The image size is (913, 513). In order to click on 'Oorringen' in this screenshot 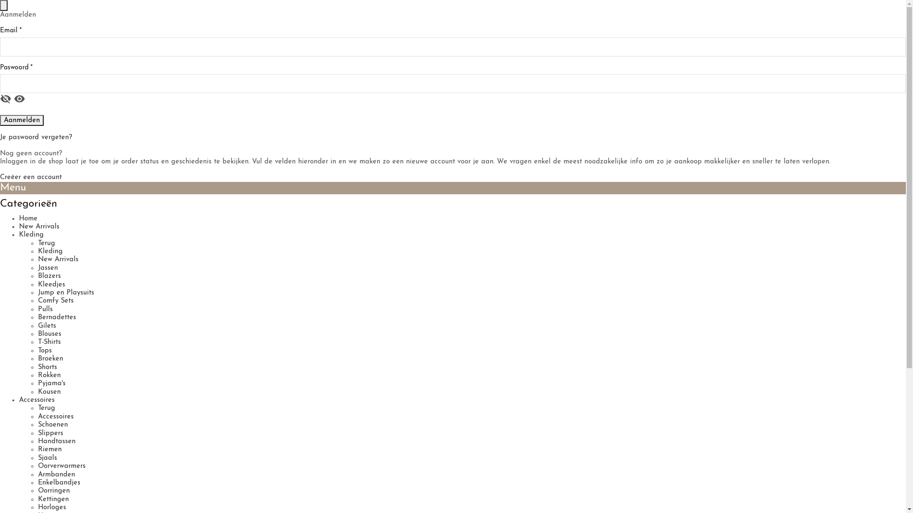, I will do `click(38, 491)`.